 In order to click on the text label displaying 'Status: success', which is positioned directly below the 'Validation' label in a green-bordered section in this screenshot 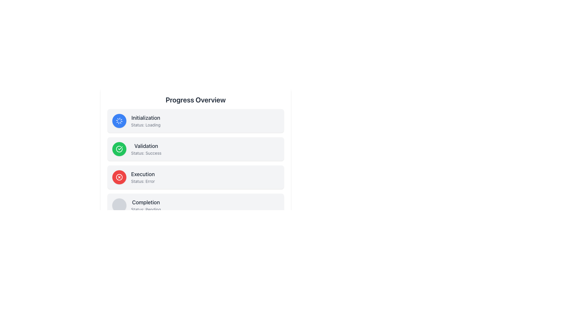, I will do `click(146, 153)`.